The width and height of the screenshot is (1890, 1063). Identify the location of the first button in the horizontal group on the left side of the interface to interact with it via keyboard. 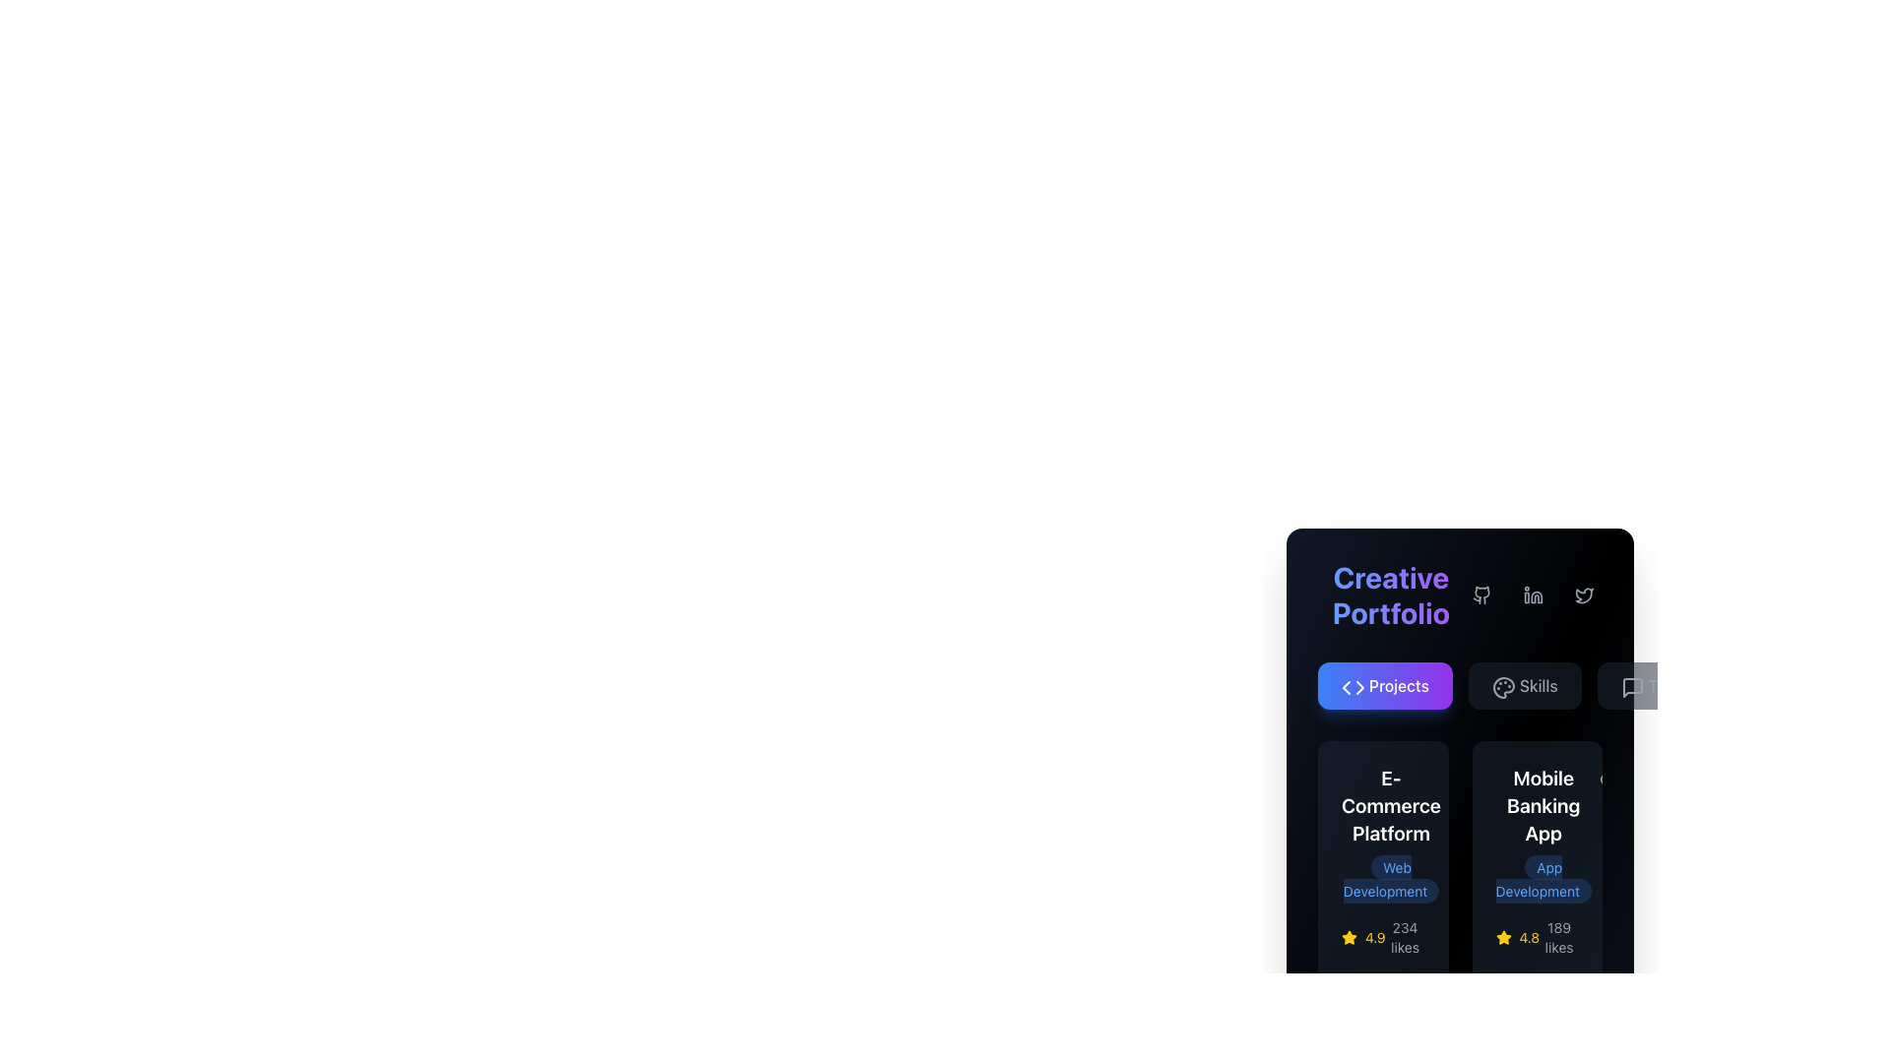
(1384, 685).